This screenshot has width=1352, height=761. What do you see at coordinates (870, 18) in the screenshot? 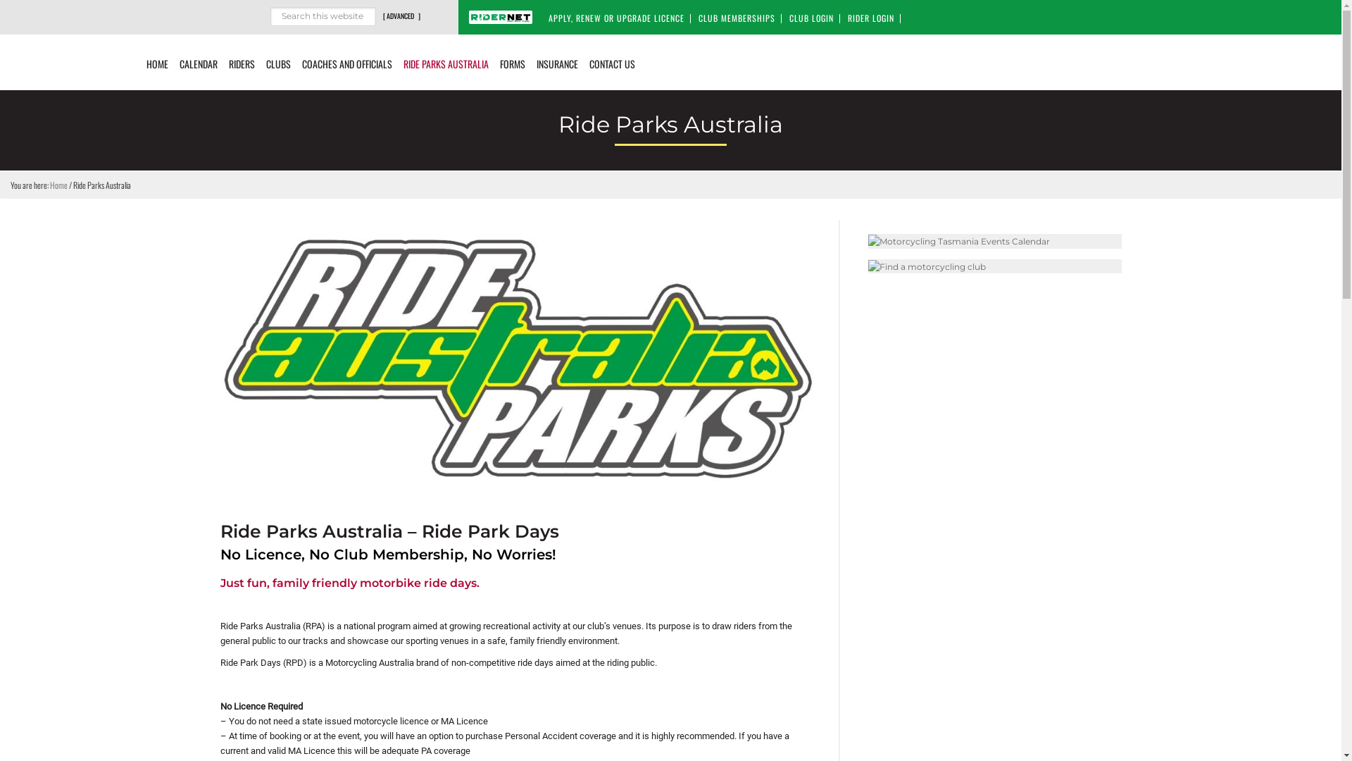
I see `'RIDER LOGIN'` at bounding box center [870, 18].